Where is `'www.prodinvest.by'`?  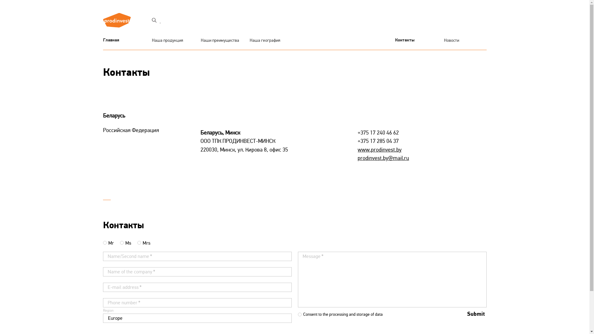
'www.prodinvest.by' is located at coordinates (379, 149).